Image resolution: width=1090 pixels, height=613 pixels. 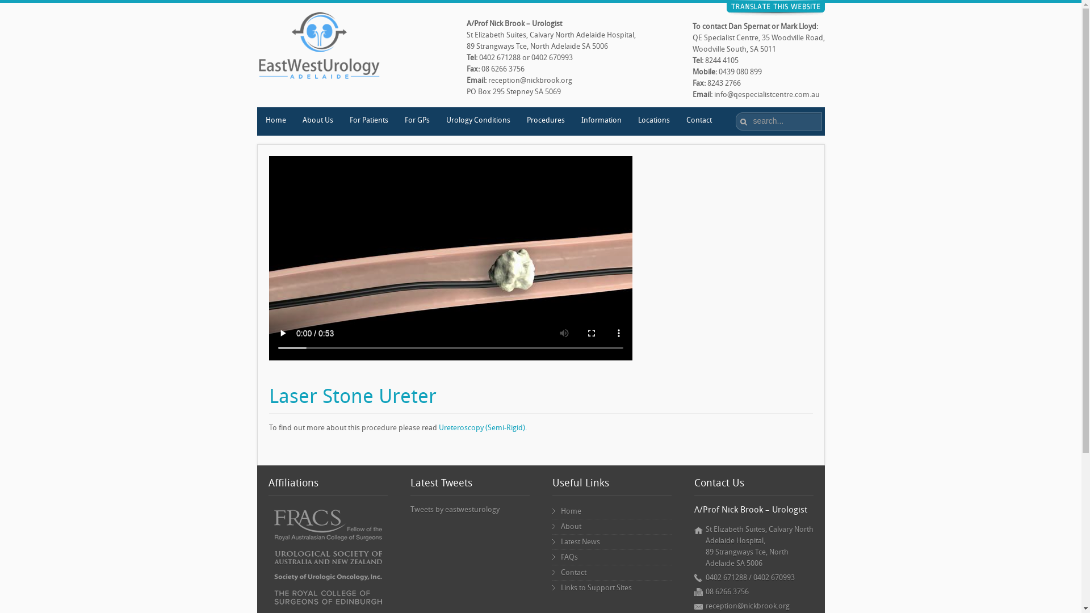 What do you see at coordinates (6, 7) in the screenshot?
I see `'Reset'` at bounding box center [6, 7].